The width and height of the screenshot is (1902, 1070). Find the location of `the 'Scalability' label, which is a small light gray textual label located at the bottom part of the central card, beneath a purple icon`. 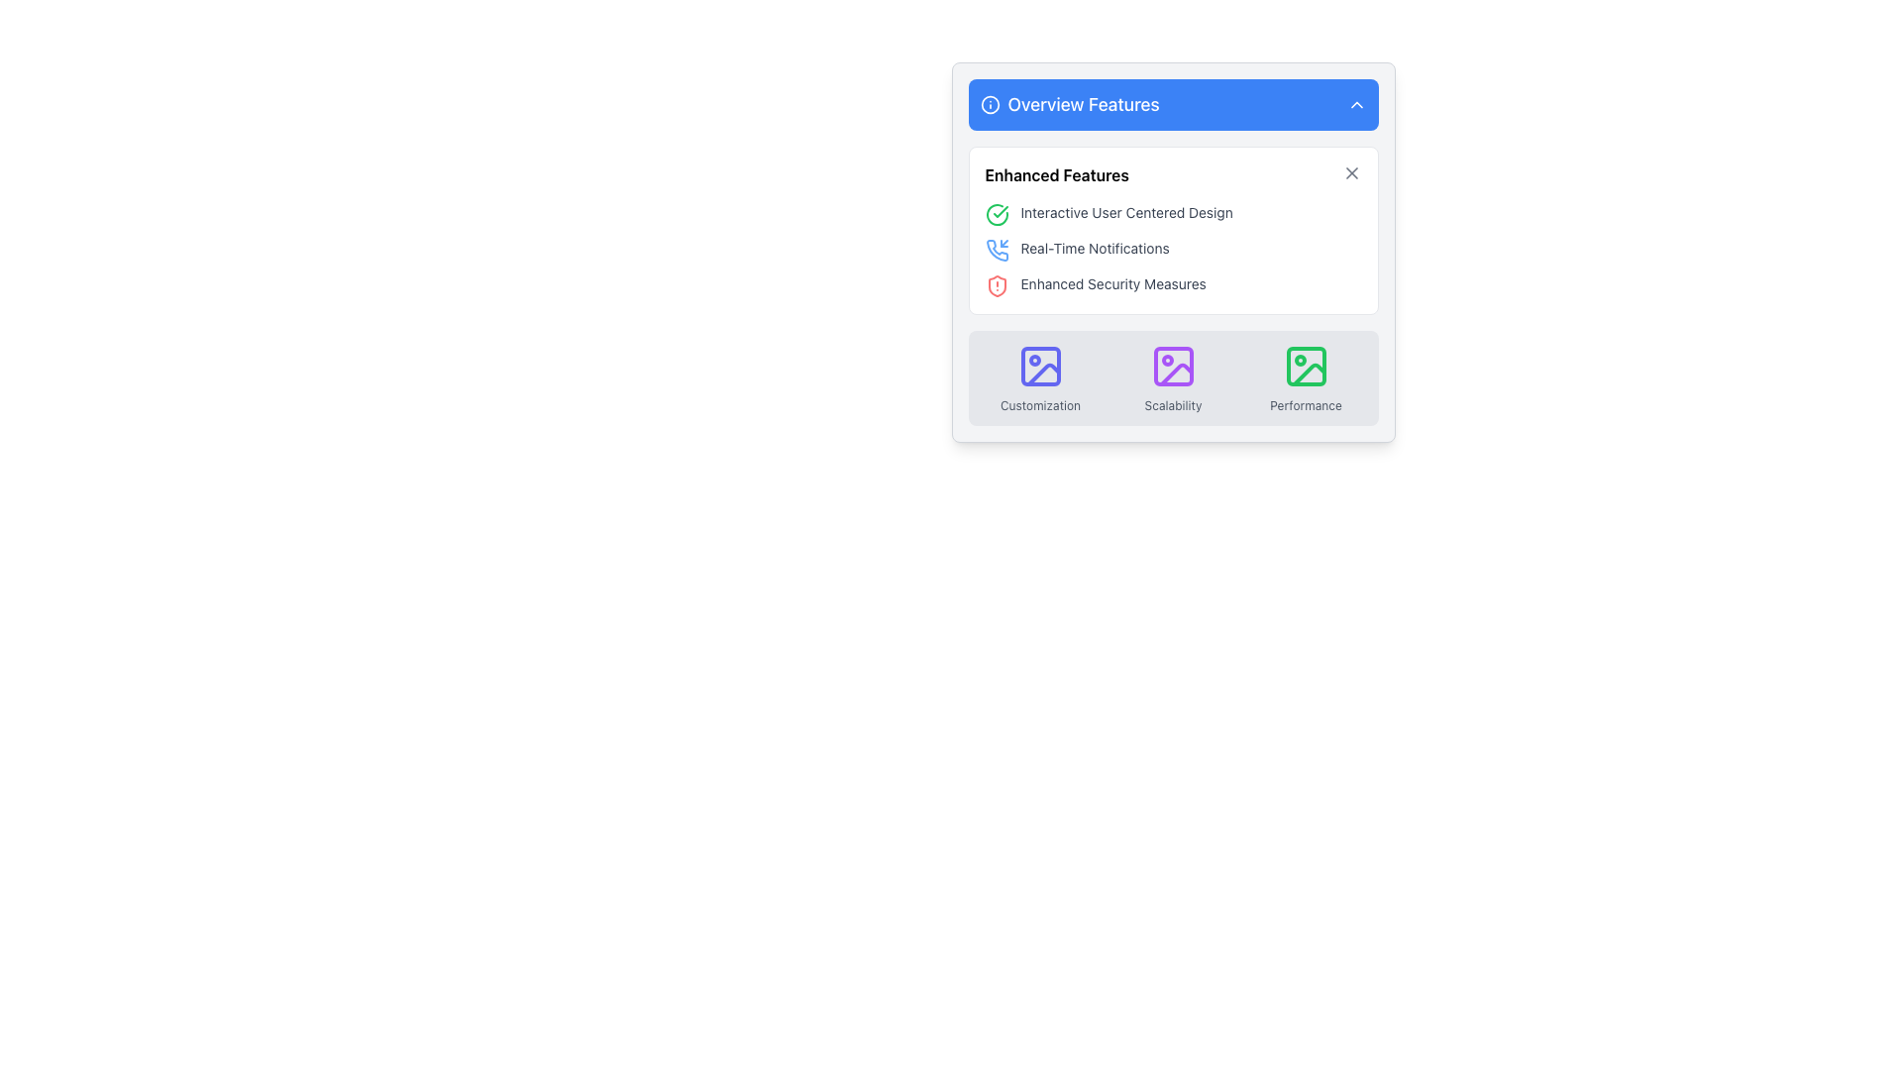

the 'Scalability' label, which is a small light gray textual label located at the bottom part of the central card, beneath a purple icon is located at coordinates (1173, 404).